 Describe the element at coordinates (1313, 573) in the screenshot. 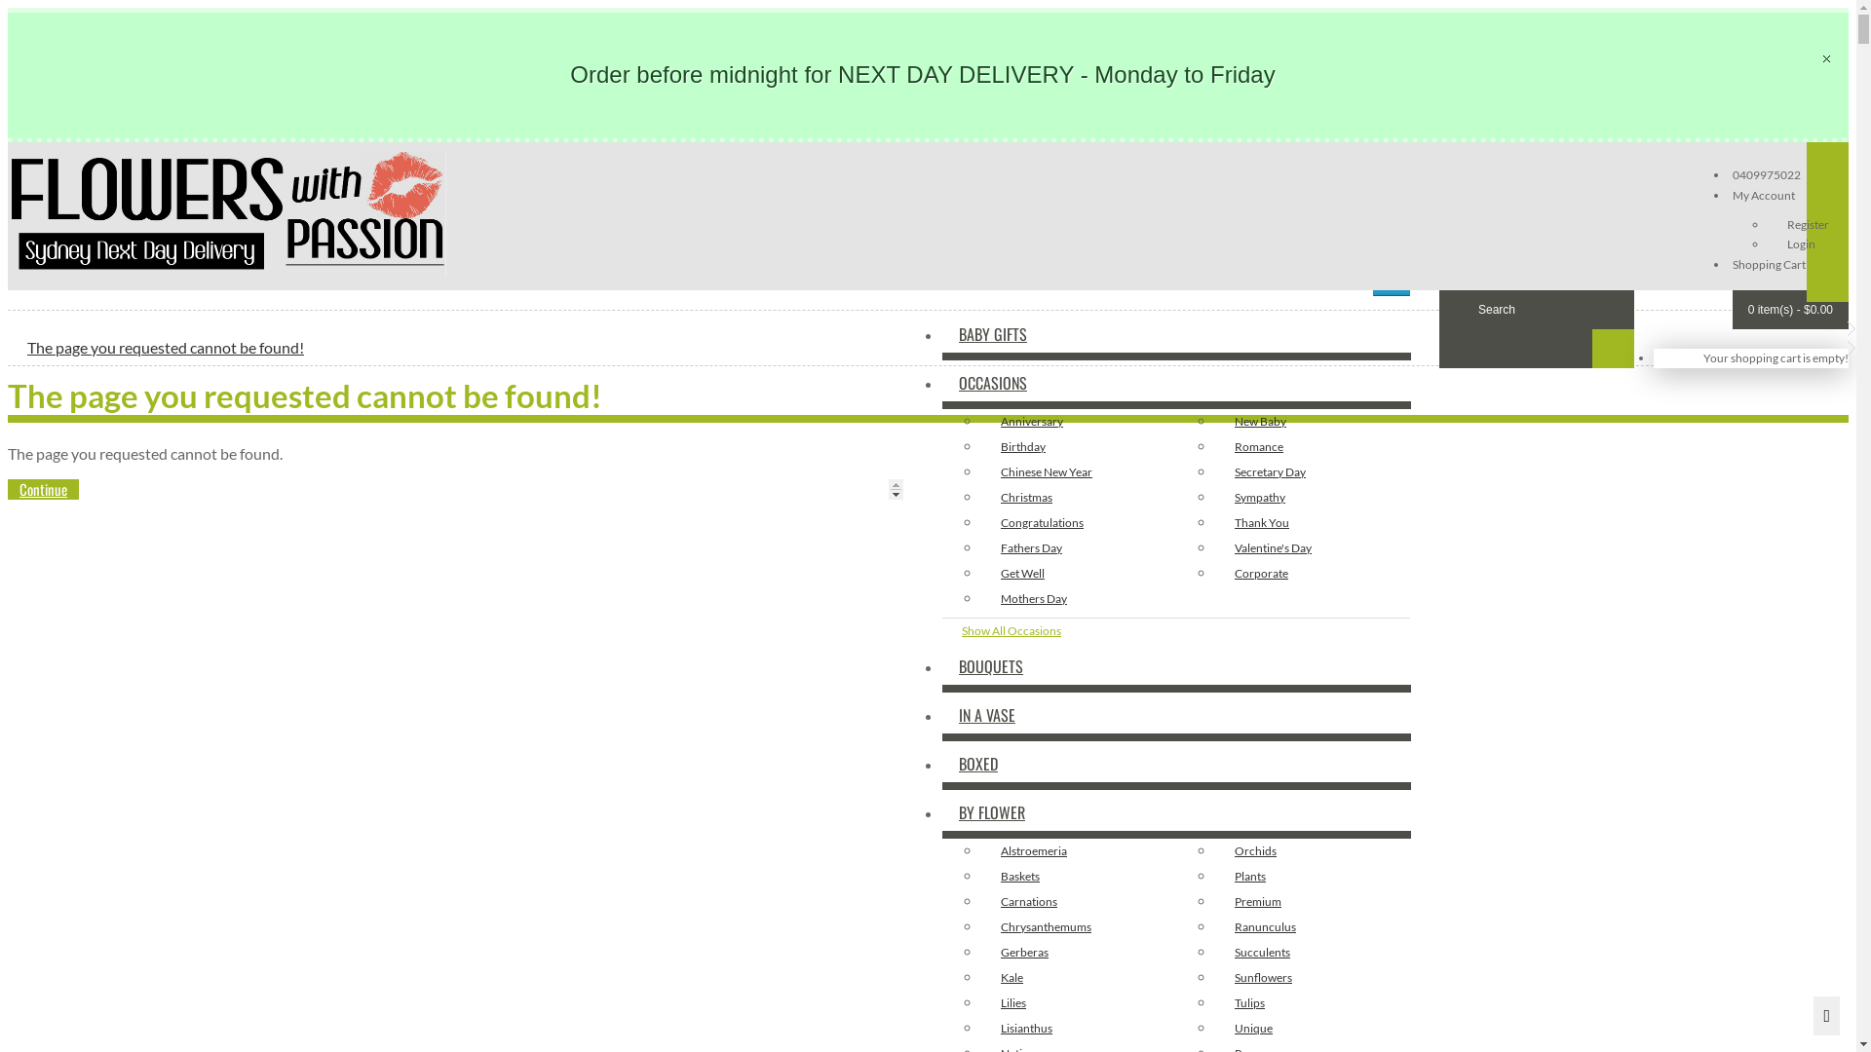

I see `'Corporate'` at that location.